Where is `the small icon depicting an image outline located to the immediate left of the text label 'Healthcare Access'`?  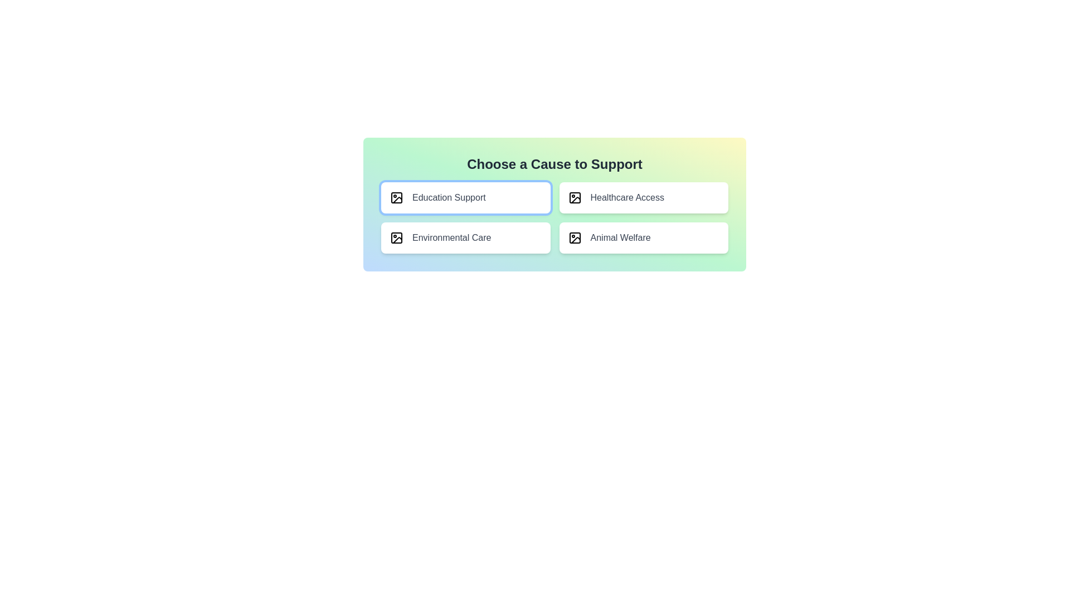 the small icon depicting an image outline located to the immediate left of the text label 'Healthcare Access' is located at coordinates (575, 197).